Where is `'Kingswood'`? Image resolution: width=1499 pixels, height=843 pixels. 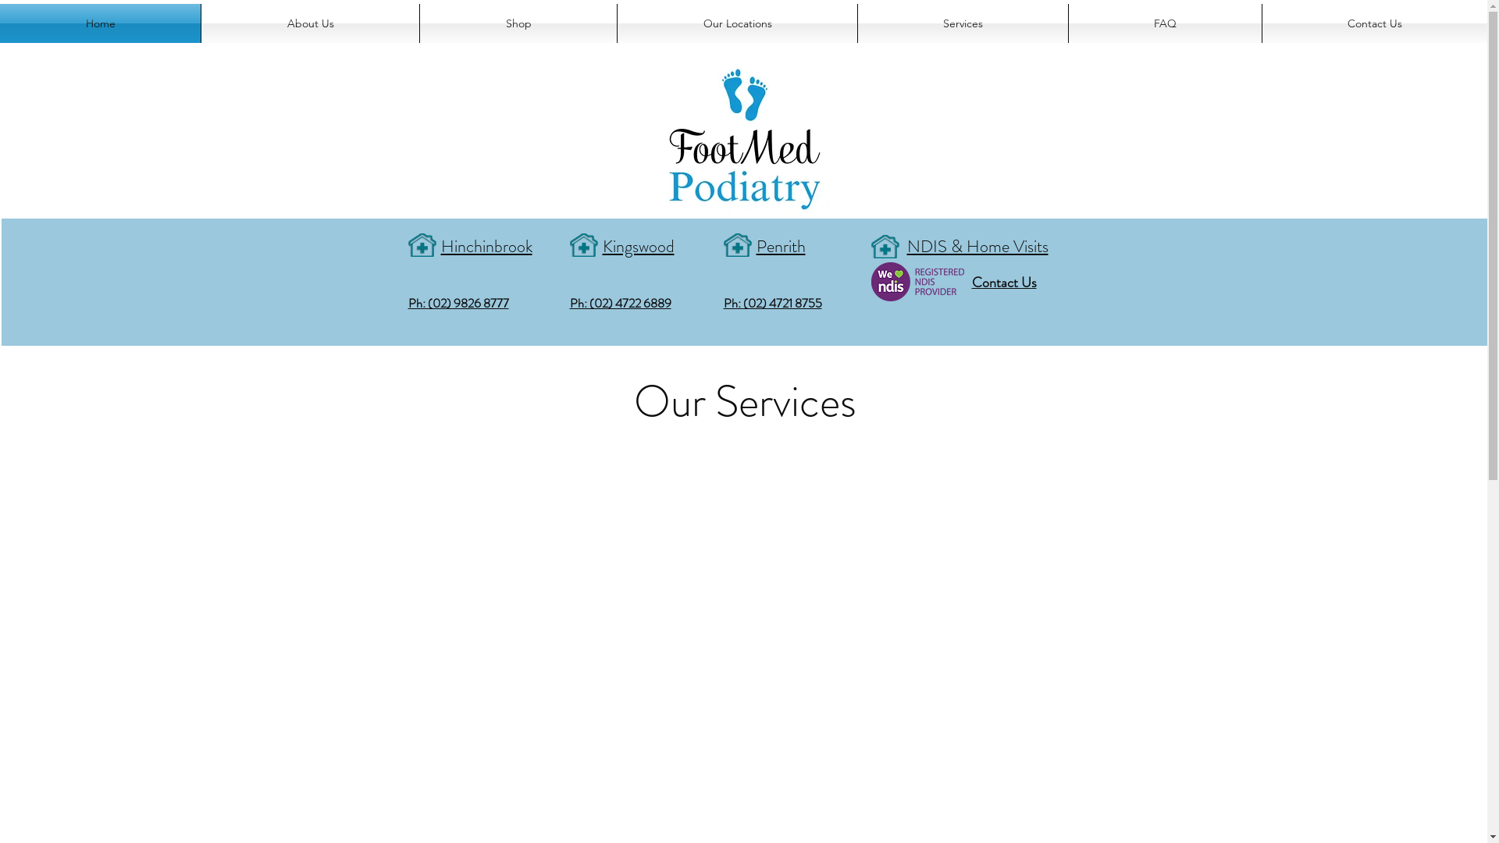
'Kingswood' is located at coordinates (602, 244).